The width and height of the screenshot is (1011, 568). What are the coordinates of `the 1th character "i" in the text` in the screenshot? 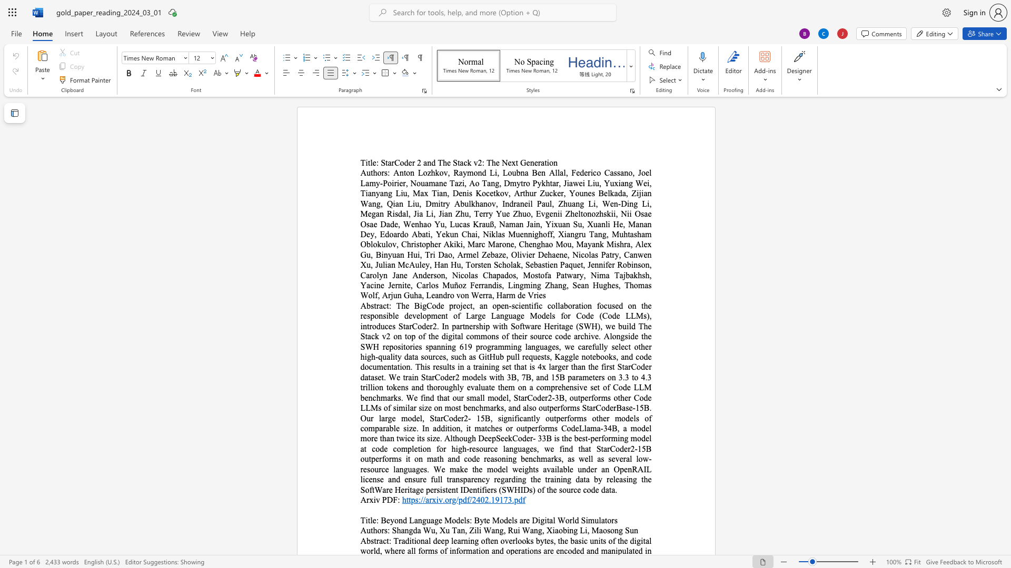 It's located at (548, 163).